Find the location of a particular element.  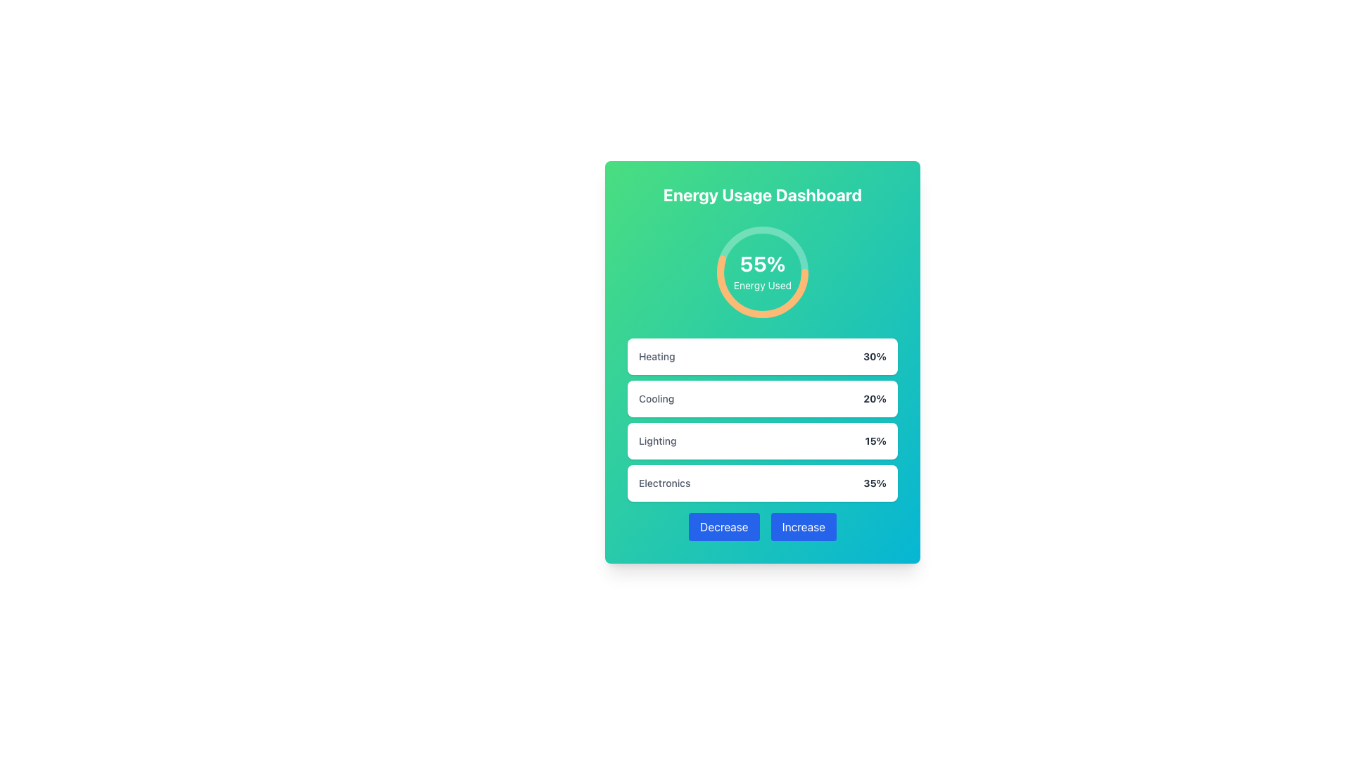

the bold text label displaying '15%' located to the right of 'Lighting' within its rectangular card is located at coordinates (875, 441).